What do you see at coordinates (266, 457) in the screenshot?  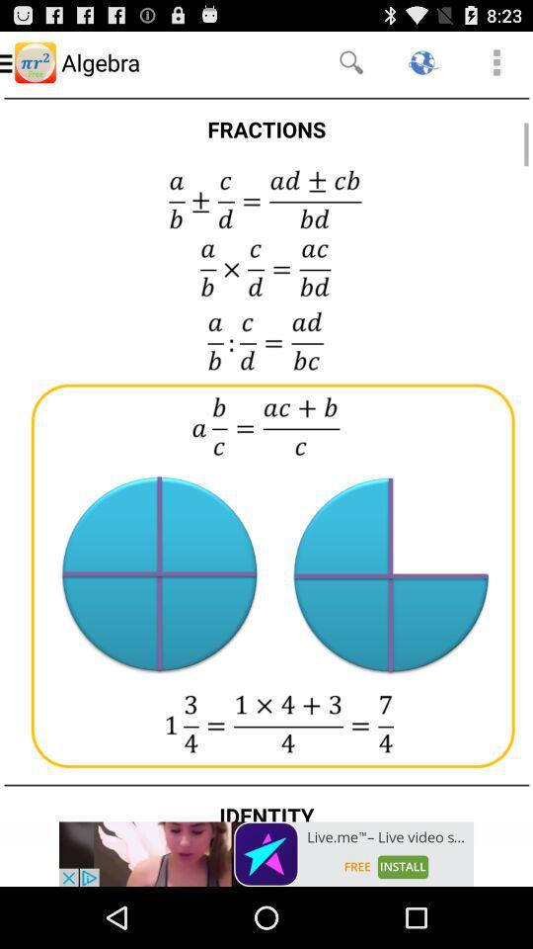 I see `formula page` at bounding box center [266, 457].